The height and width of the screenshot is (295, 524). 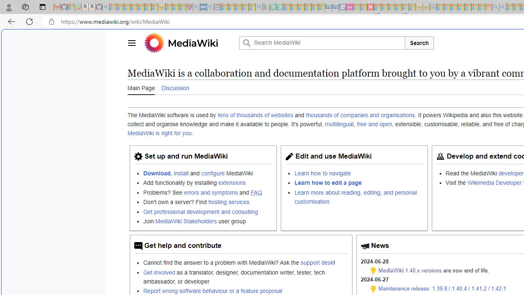 What do you see at coordinates (141, 88) in the screenshot?
I see `'Main Page'` at bounding box center [141, 88].